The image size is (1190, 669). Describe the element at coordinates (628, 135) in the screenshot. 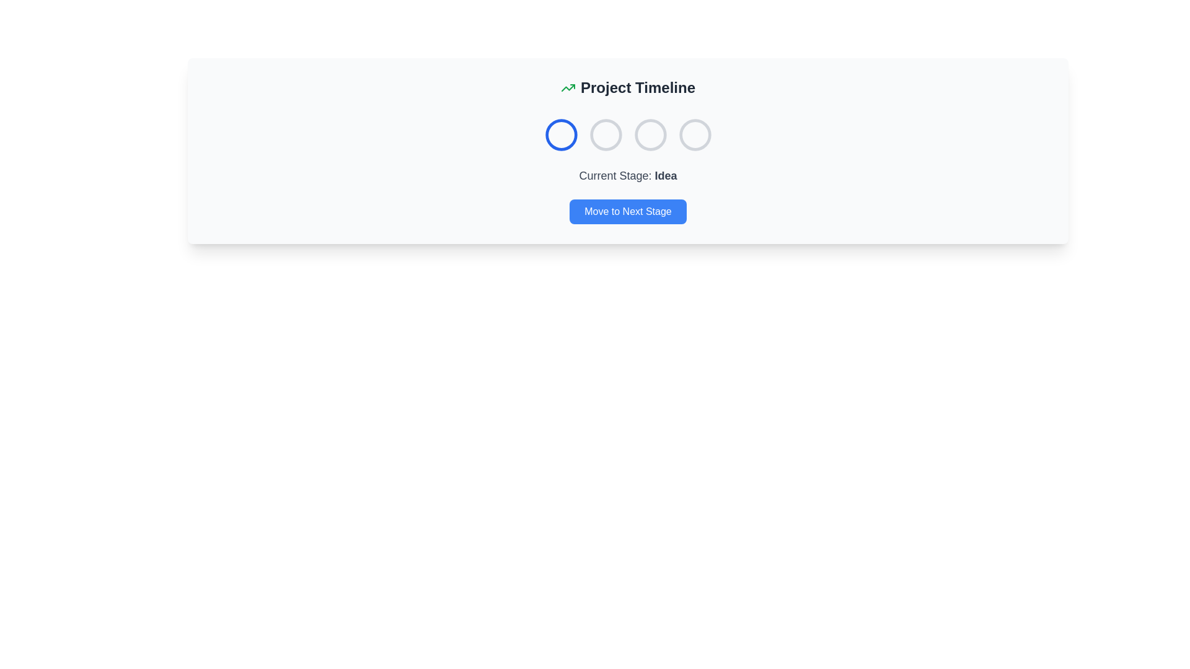

I see `the Progress Indicator located below the 'Project Timeline' title, which visually represents stages in a project timeline, to navigate through stages if interactive functionality is enabled` at that location.